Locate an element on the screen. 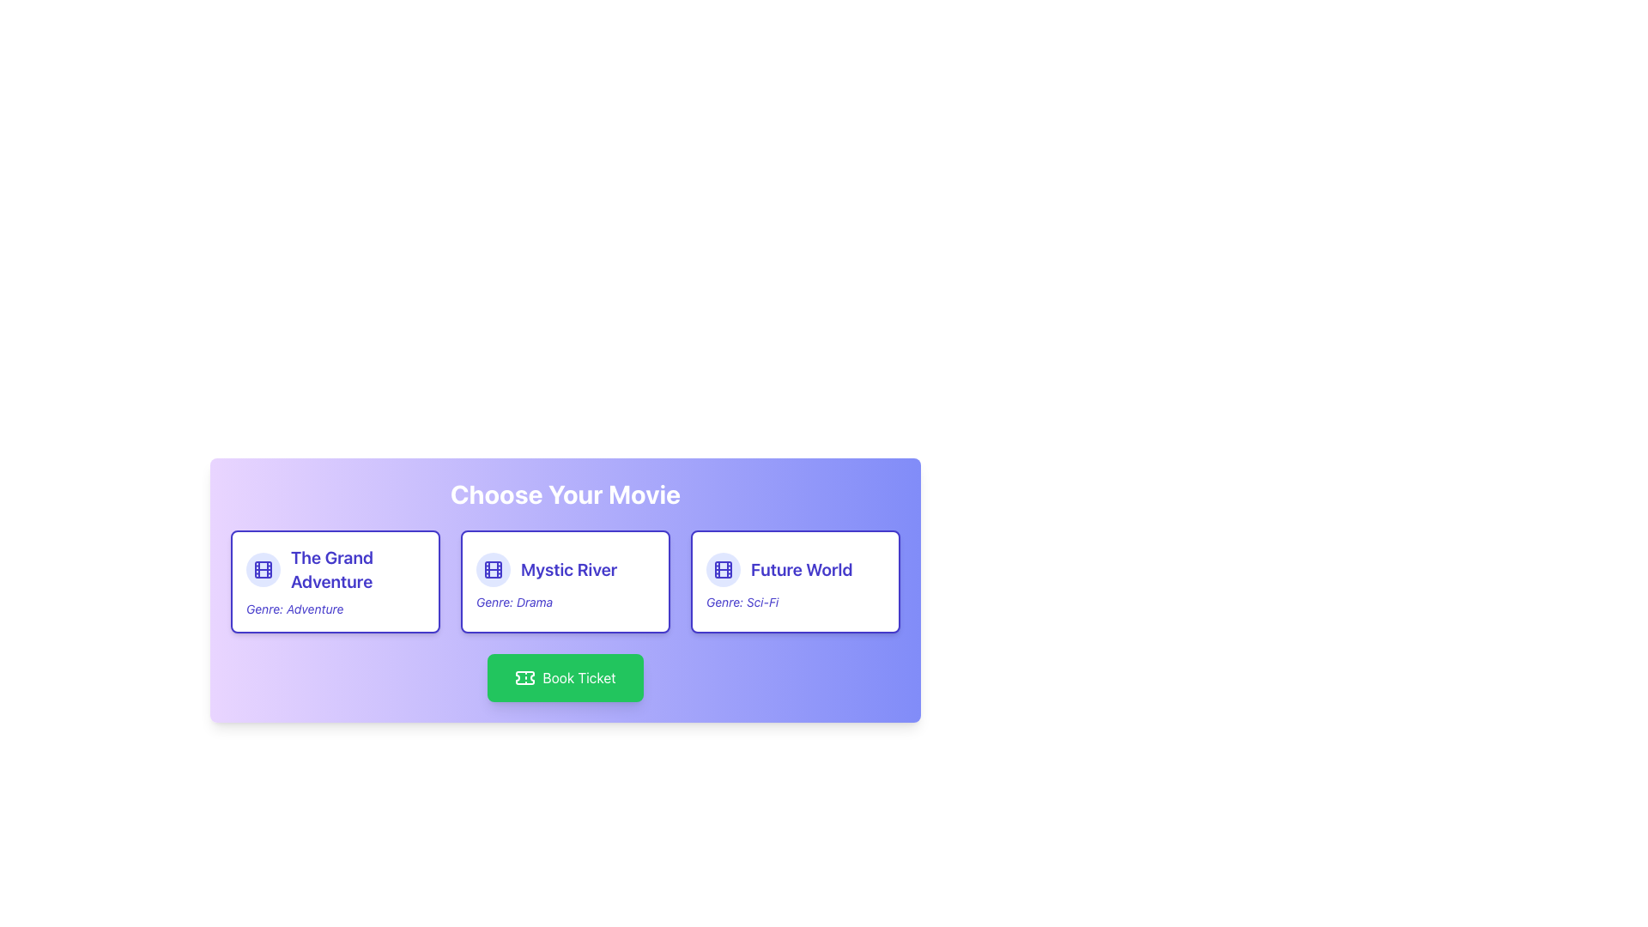 This screenshot has height=927, width=1648. the movie title text label displaying 'Mystic River', which is centered in the movie selection card is located at coordinates (565, 569).